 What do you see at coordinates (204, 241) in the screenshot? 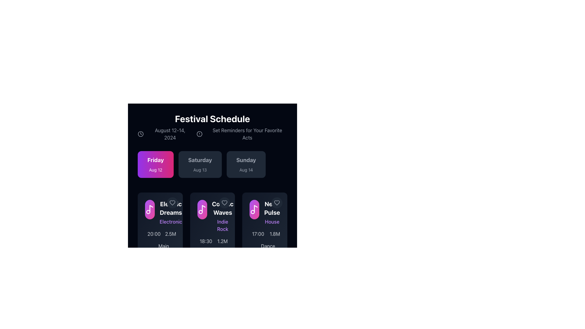
I see `the Label displaying the scheduled time for the 'Co Waves' event, which is located directly below its title and description, and has a clock icon to its left` at bounding box center [204, 241].